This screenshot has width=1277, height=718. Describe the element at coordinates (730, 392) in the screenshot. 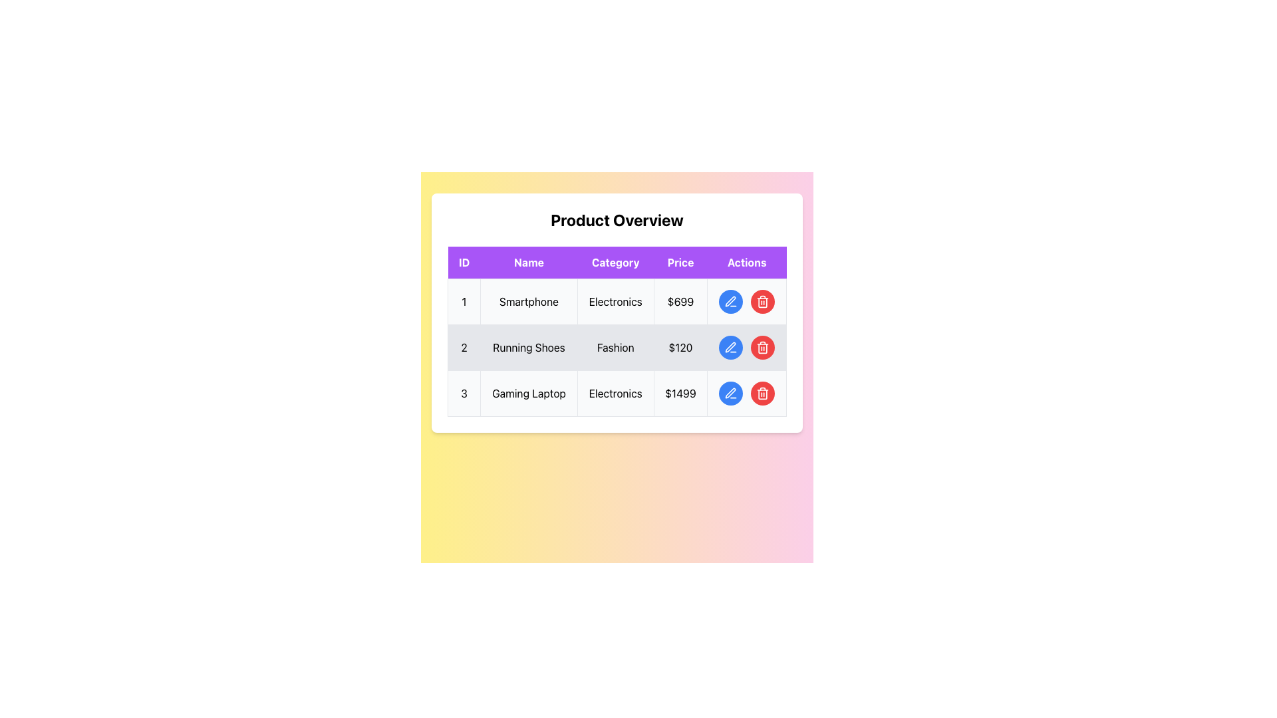

I see `the 'Edit' icon button located in the 'Actions' column of the first row beside the 'Price' column` at that location.